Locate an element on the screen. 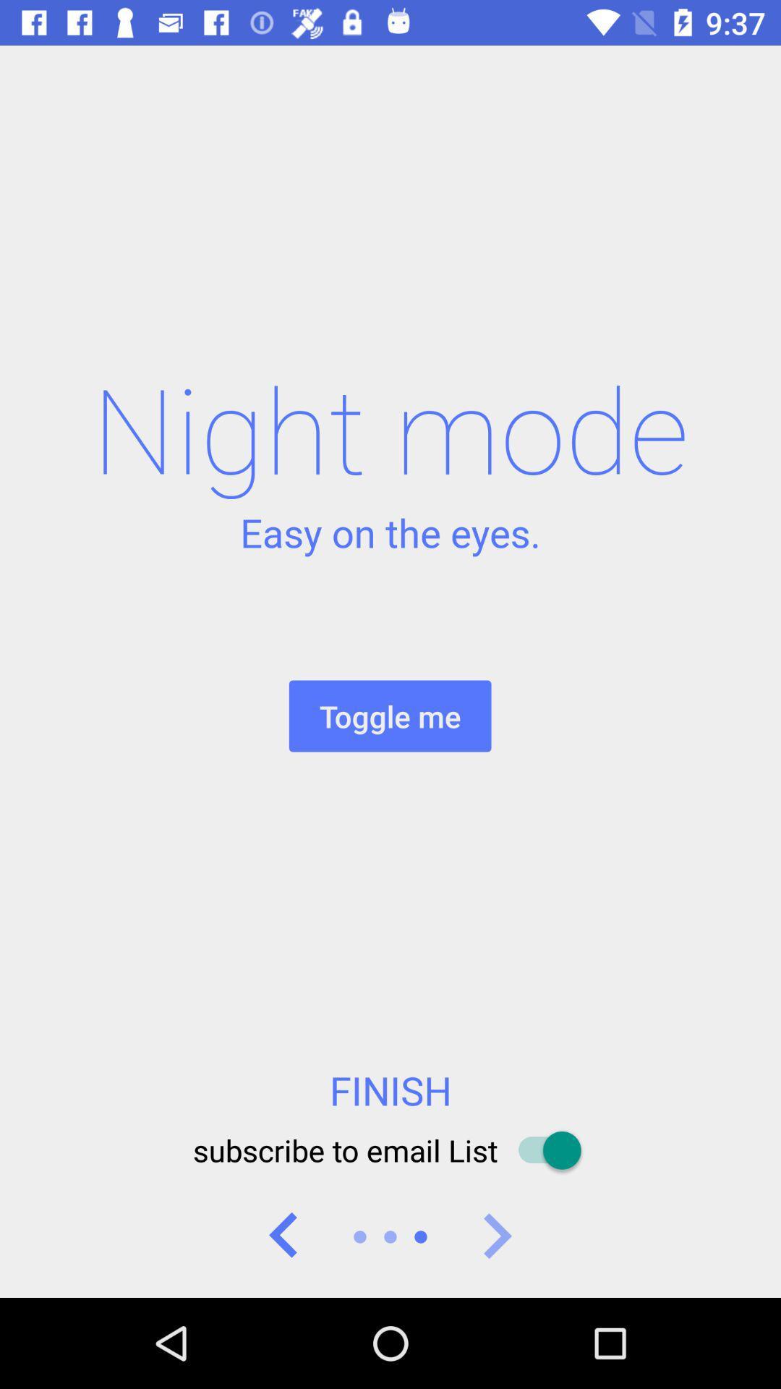 Image resolution: width=781 pixels, height=1389 pixels. icon above the subscribe to email icon is located at coordinates (390, 1090).